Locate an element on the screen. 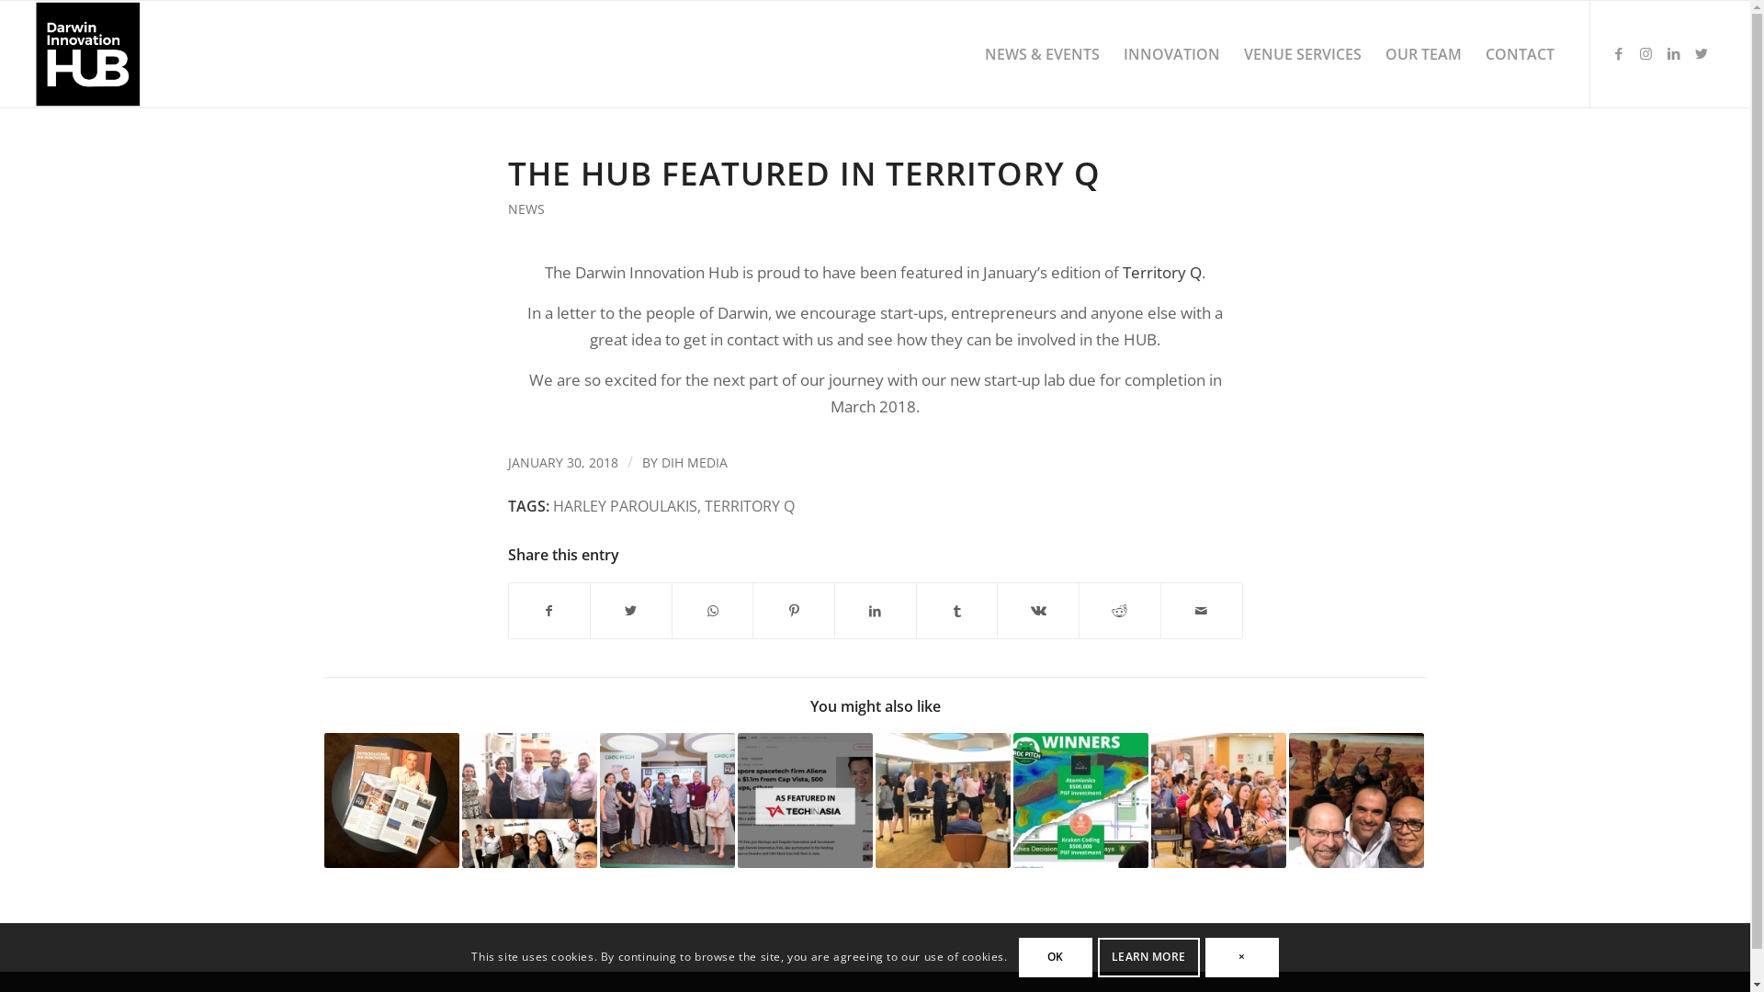 Image resolution: width=1764 pixels, height=992 pixels. 'LEARN MORE' is located at coordinates (1148, 955).